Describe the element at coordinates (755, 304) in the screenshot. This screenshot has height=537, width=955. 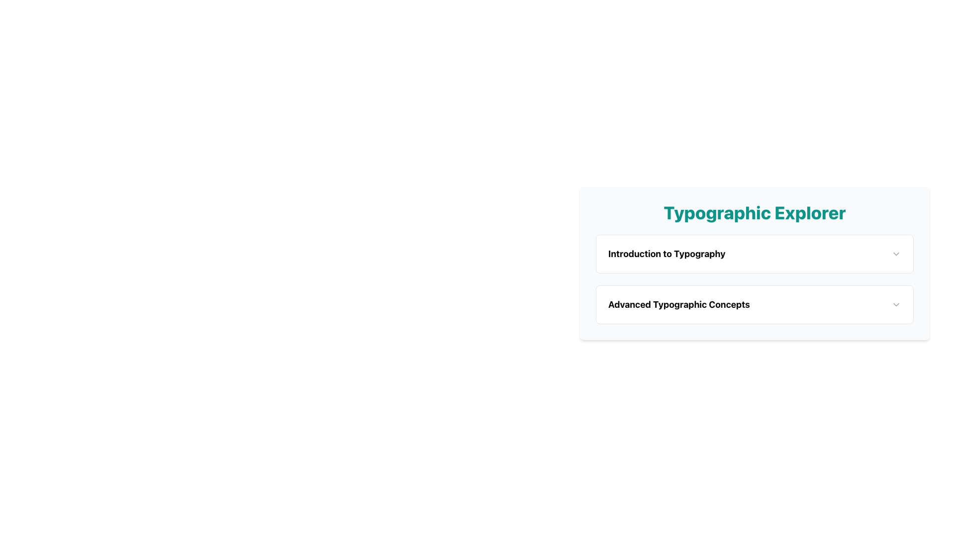
I see `the second dropdown menu item labeled 'Advanced Typographic Concepts' in the 'Typographic Explorer' section` at that location.